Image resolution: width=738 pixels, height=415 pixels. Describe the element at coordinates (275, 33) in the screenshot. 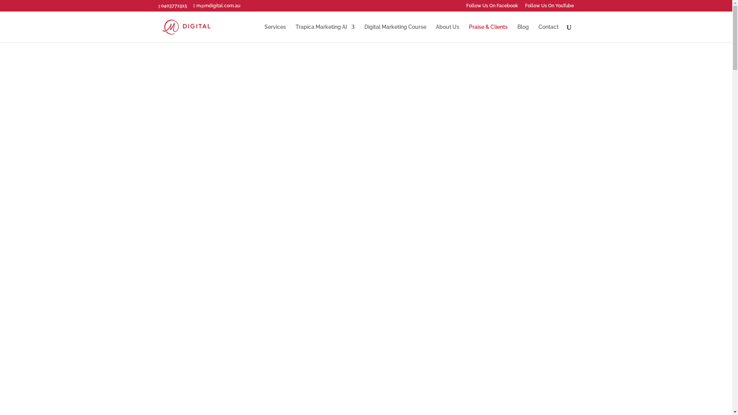

I see `'Services'` at that location.